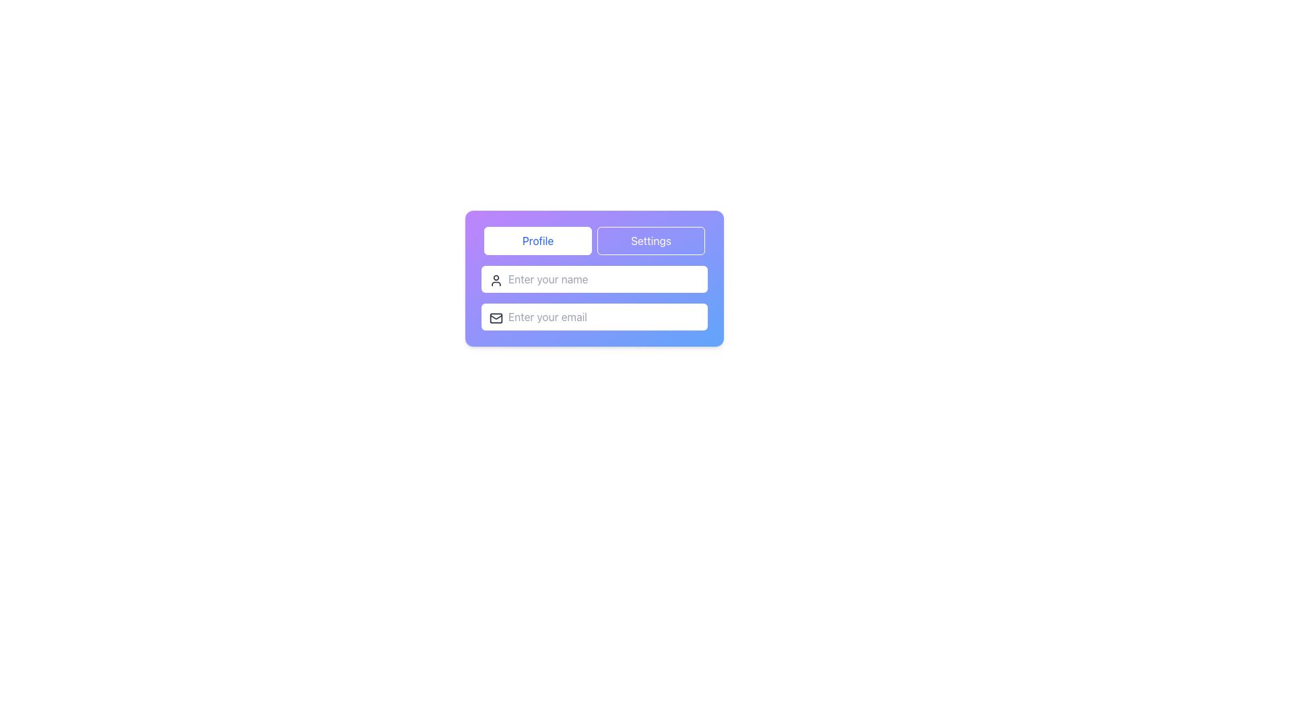 This screenshot has width=1293, height=727. Describe the element at coordinates (496, 279) in the screenshot. I see `the user silhouette icon located inside the 'Enter your name' input field, positioned at the top left corner of the input box` at that location.